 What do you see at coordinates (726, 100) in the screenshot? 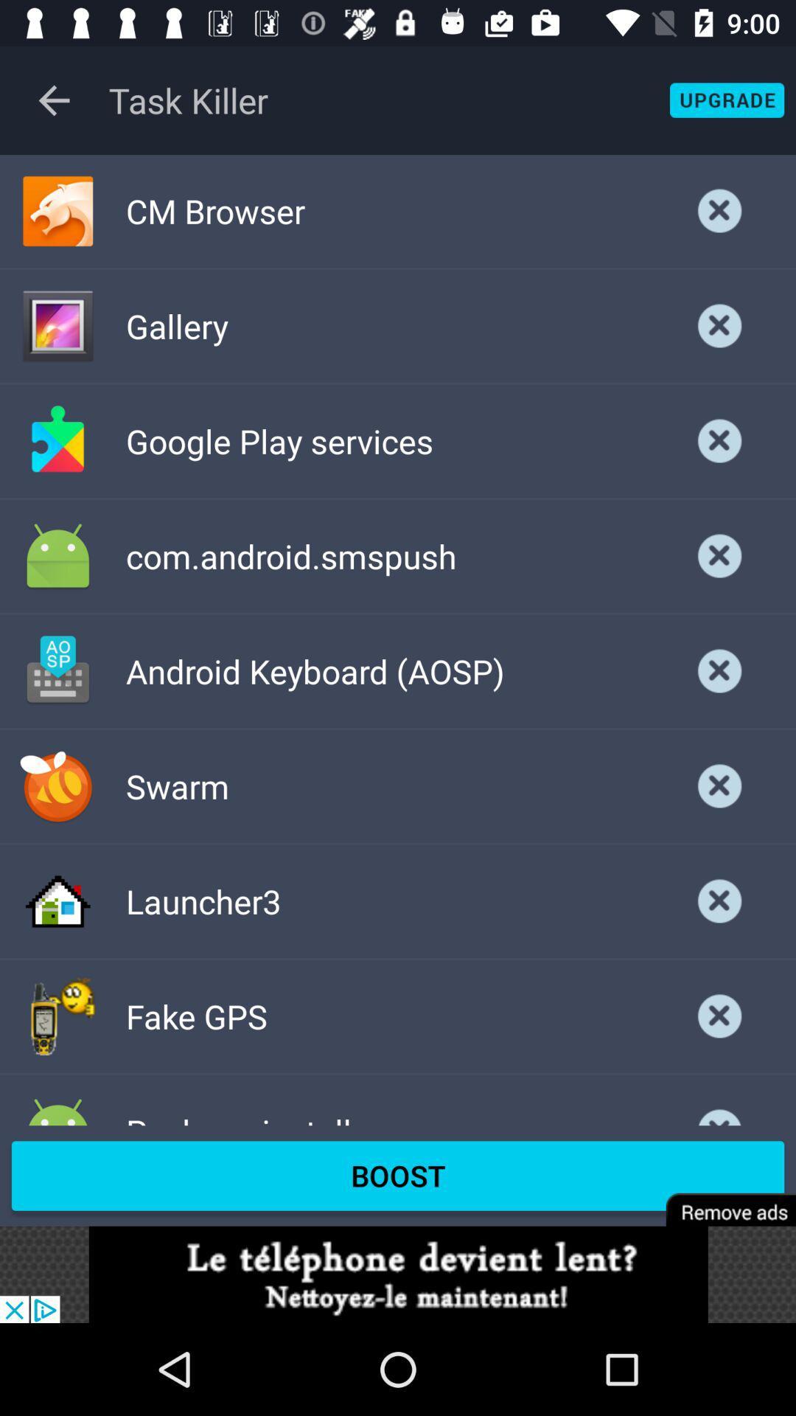
I see `button` at bounding box center [726, 100].